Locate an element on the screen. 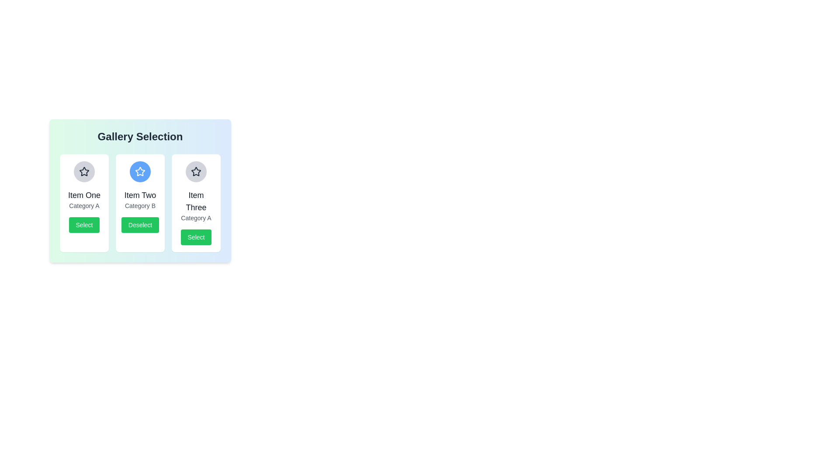 This screenshot has width=839, height=472. the button corresponding to Item Two to toggle its selection state is located at coordinates (140, 225).